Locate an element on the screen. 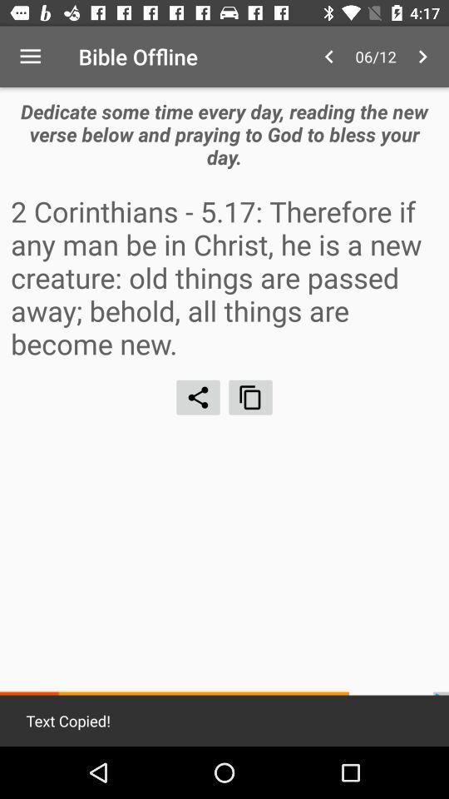  icon next to bible offline item is located at coordinates (30, 57).